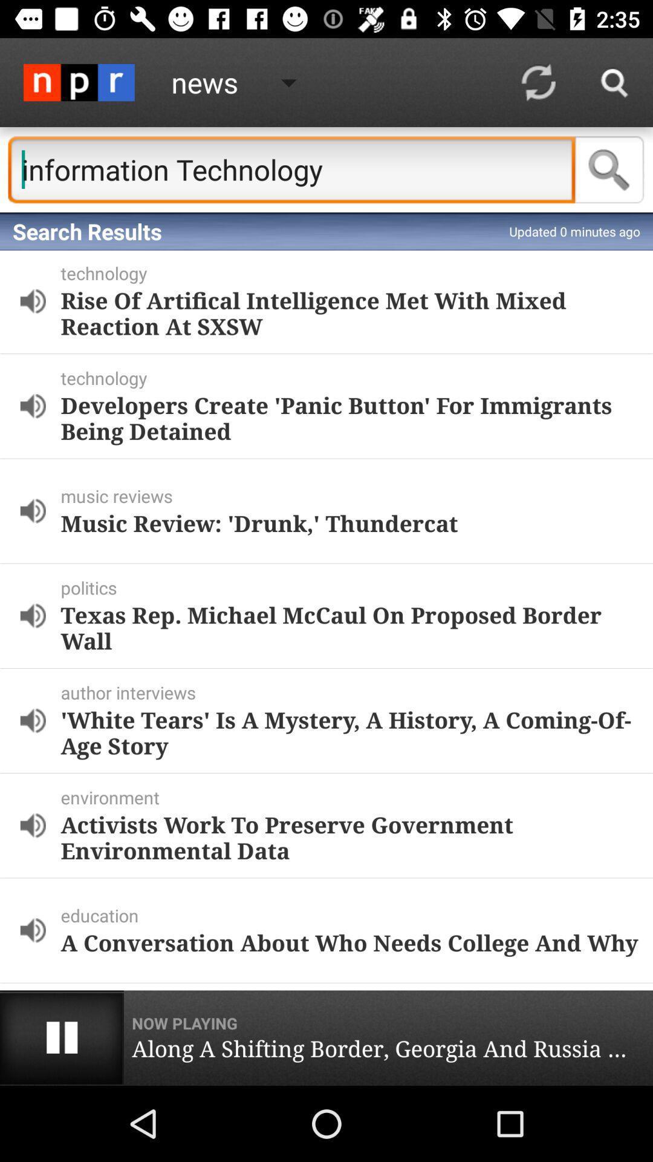 The width and height of the screenshot is (653, 1162). Describe the element at coordinates (349, 628) in the screenshot. I see `the icon below the politics icon` at that location.